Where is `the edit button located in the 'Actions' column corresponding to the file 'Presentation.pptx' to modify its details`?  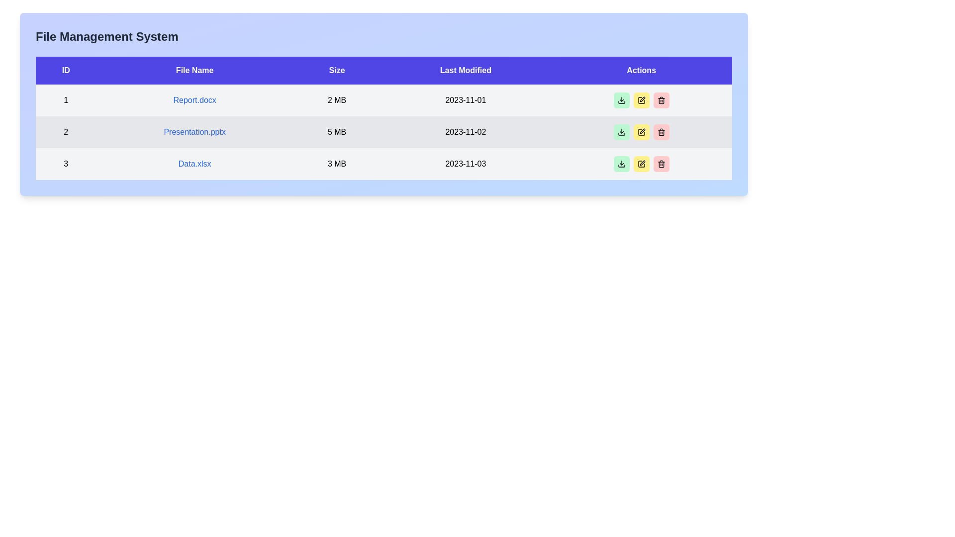
the edit button located in the 'Actions' column corresponding to the file 'Presentation.pptx' to modify its details is located at coordinates (641, 132).